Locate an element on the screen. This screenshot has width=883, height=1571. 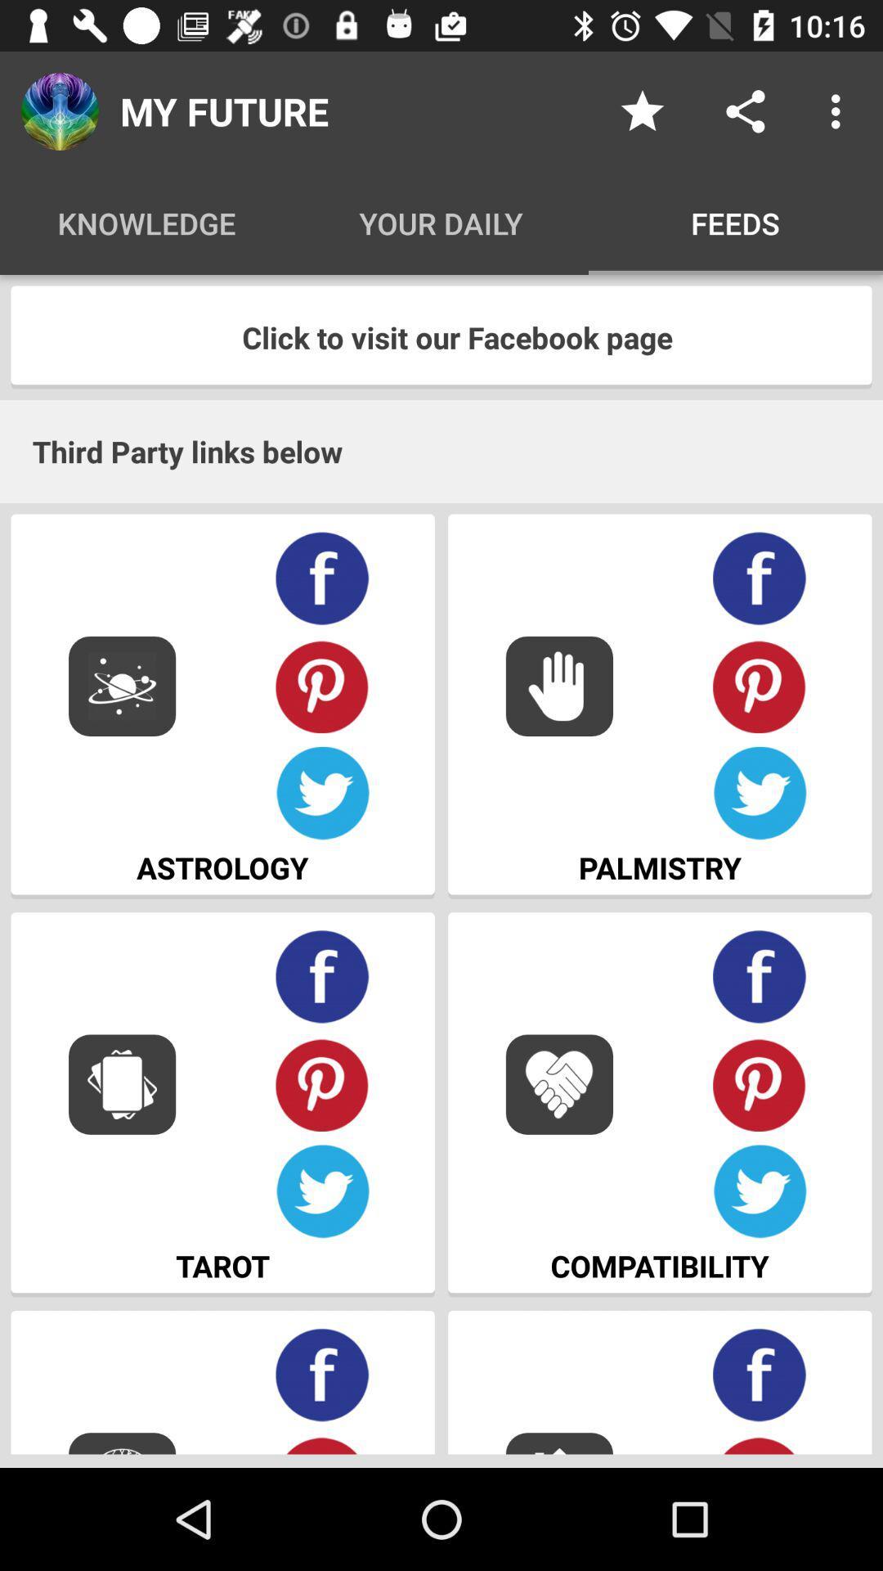
share on twitter is located at coordinates (322, 794).